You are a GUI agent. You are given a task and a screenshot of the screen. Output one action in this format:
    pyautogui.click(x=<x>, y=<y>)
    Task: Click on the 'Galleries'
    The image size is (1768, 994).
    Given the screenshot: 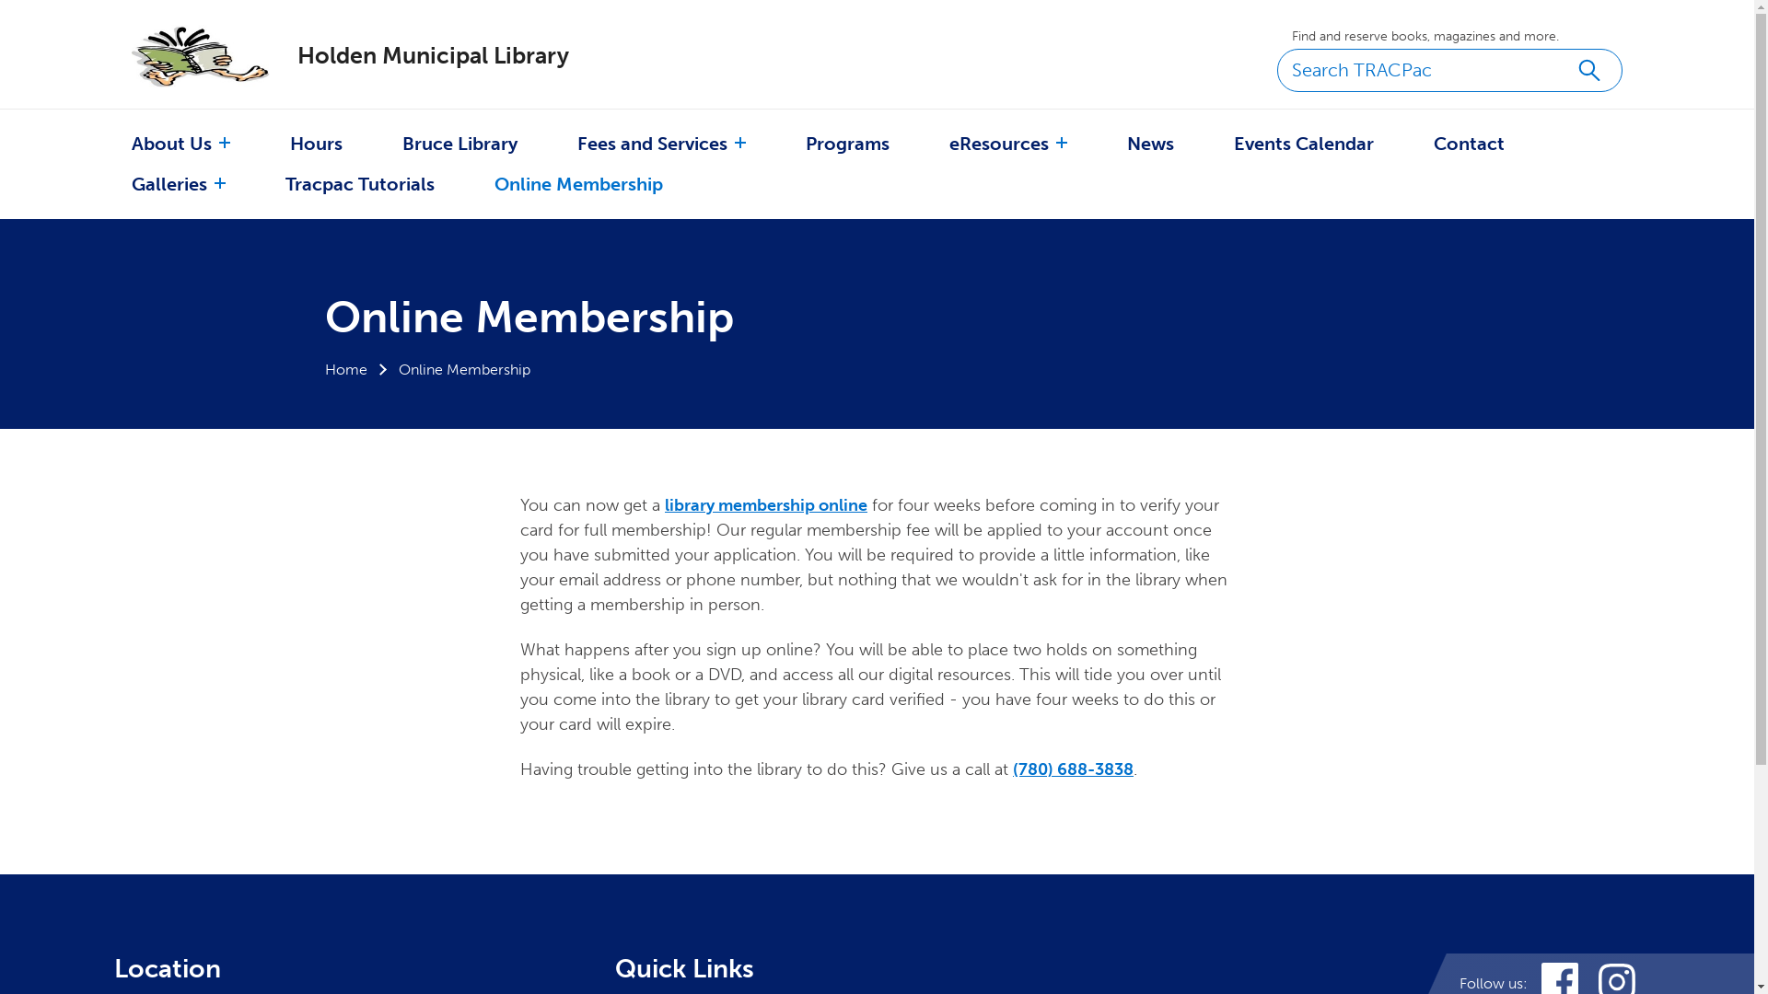 What is the action you would take?
    pyautogui.click(x=169, y=184)
    